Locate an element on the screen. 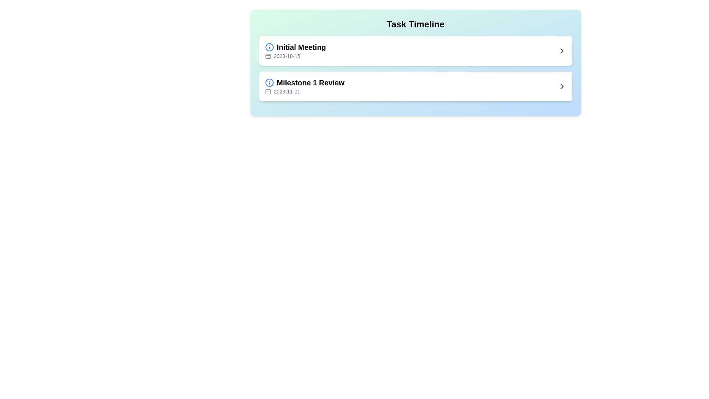  the informational icon located to the left of the text 'Initial Meeting' in the 'Task Timeline' section to overview it is located at coordinates (269, 47).